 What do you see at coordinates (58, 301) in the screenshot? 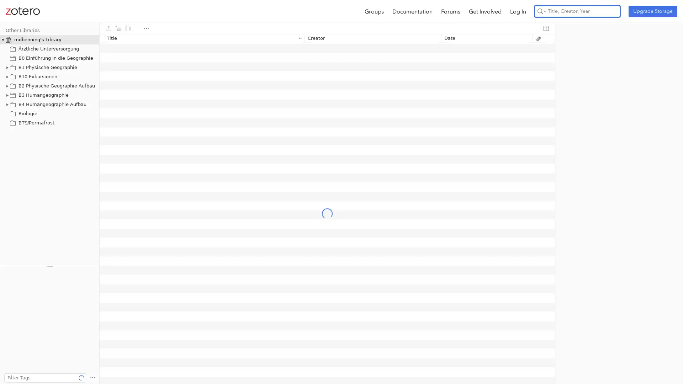
I see `Central place theory` at bounding box center [58, 301].